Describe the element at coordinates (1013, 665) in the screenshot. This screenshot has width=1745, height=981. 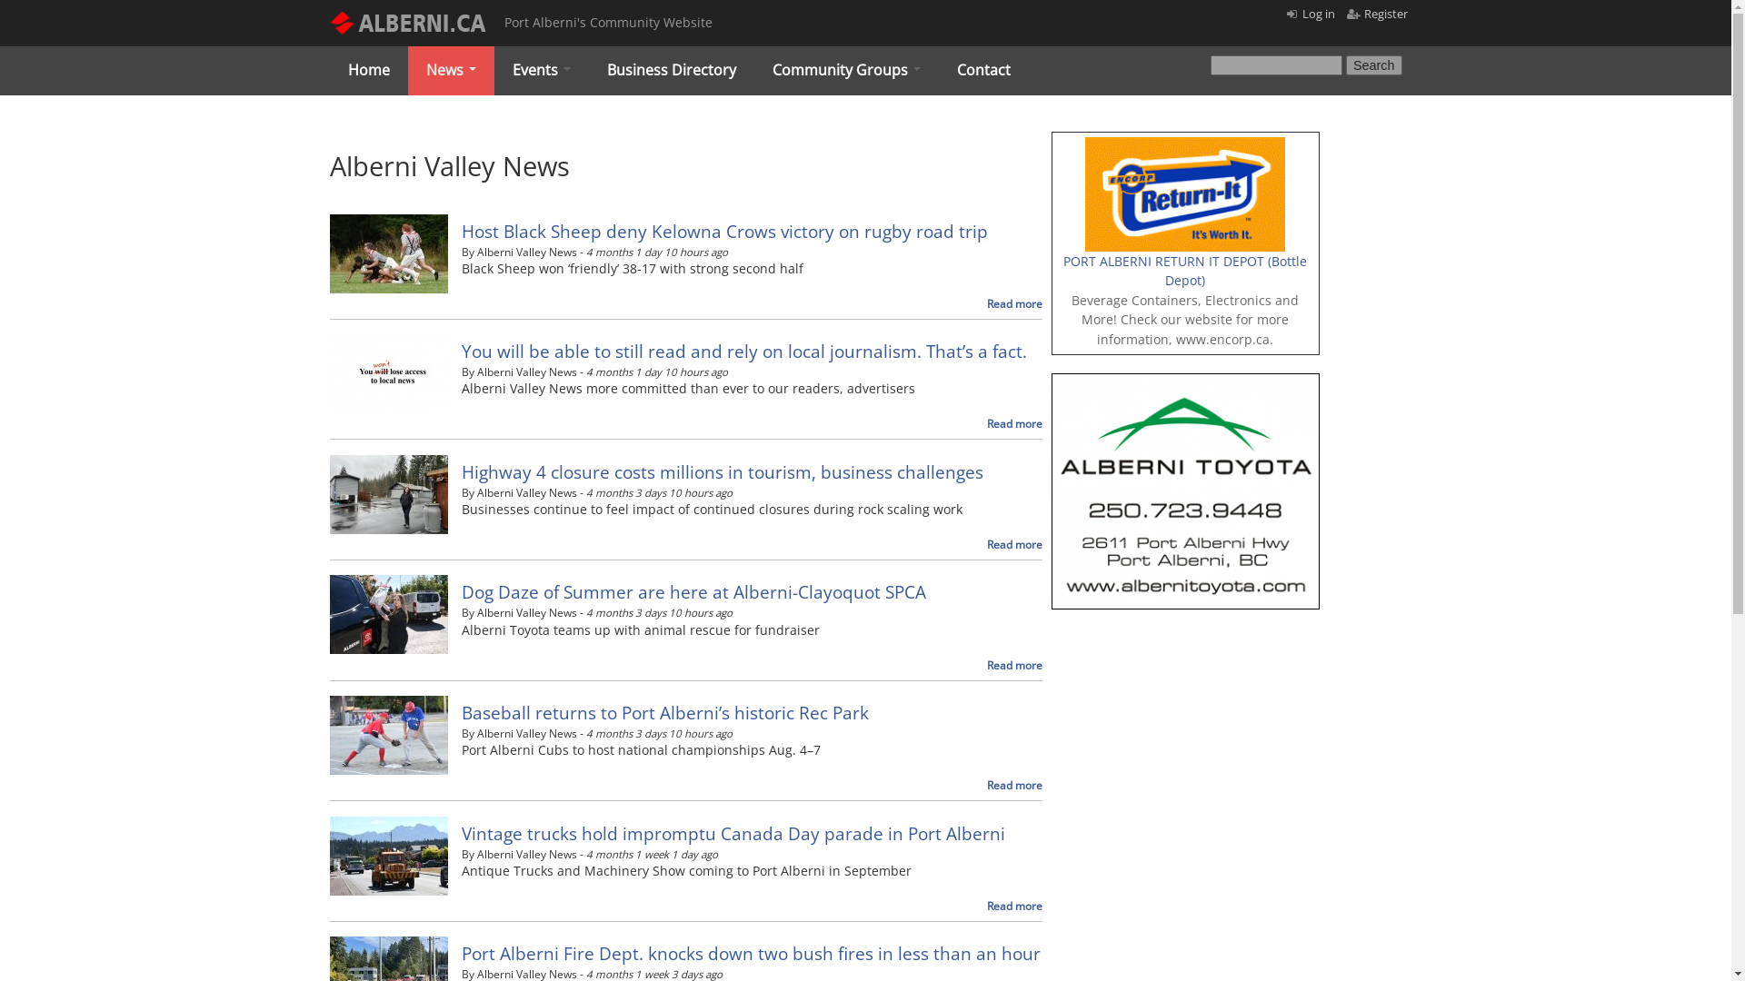
I see `'Read more'` at that location.